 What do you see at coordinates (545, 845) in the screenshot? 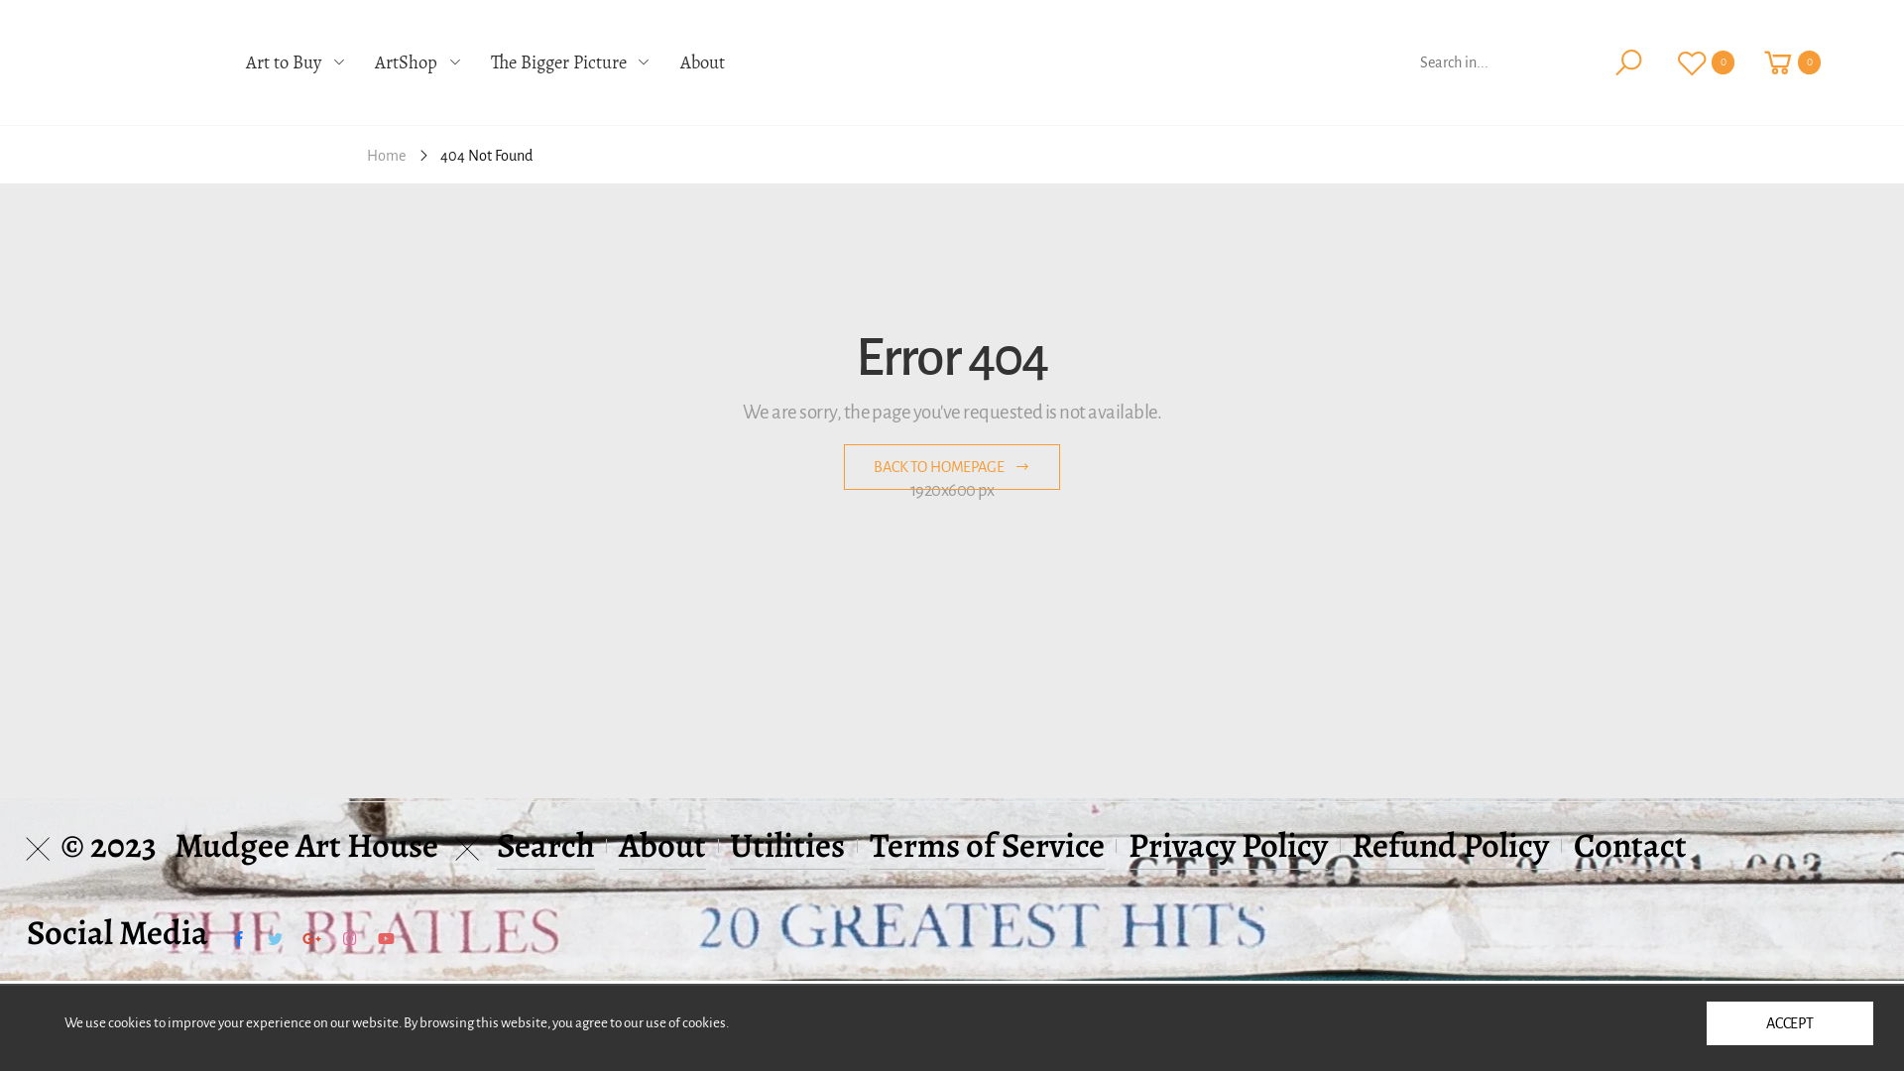
I see `'Search'` at bounding box center [545, 845].